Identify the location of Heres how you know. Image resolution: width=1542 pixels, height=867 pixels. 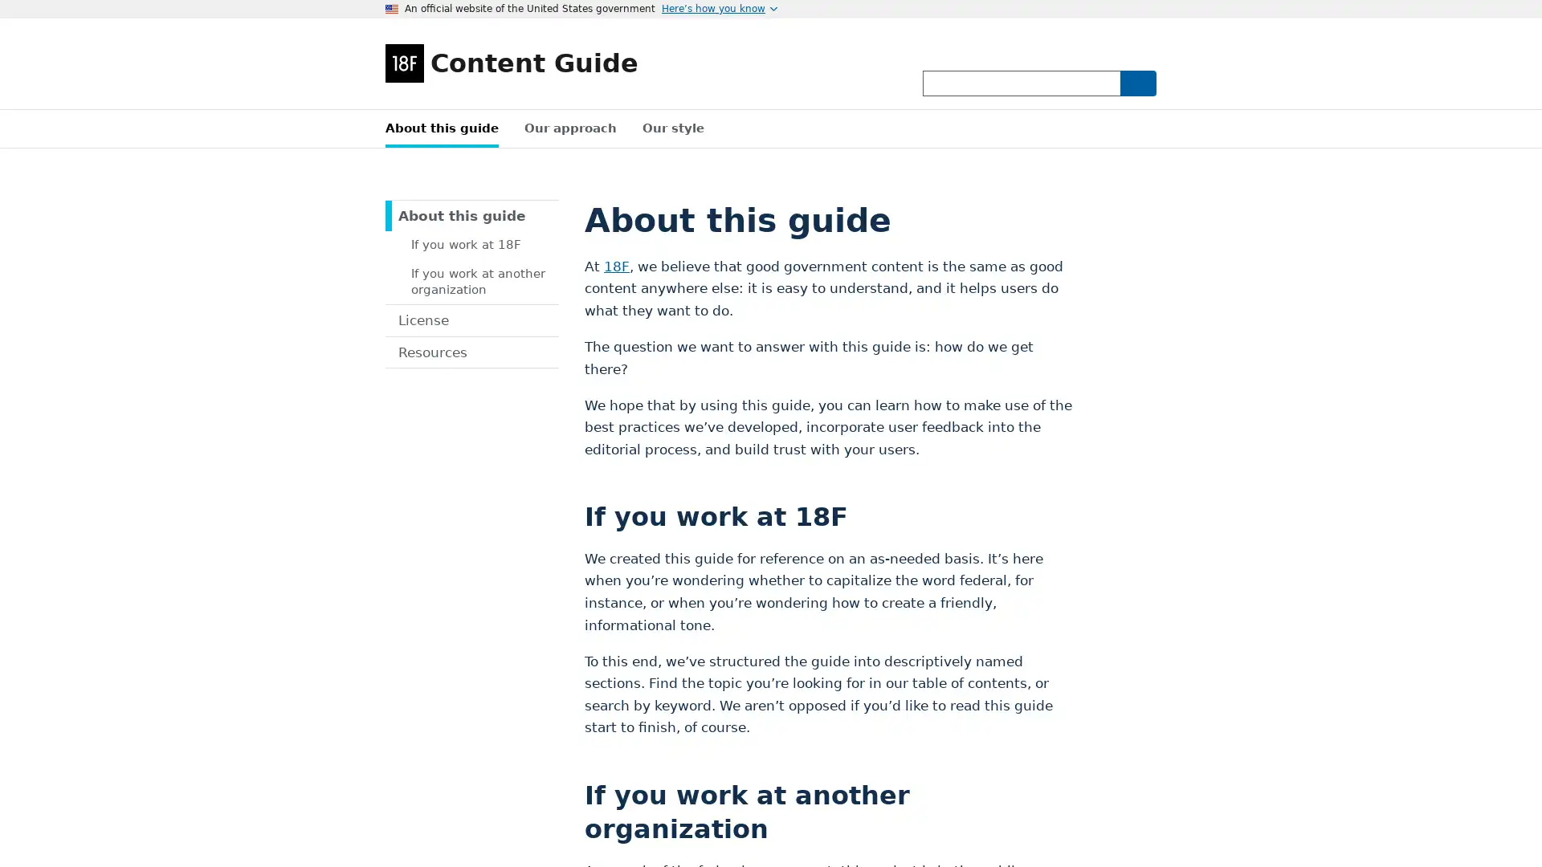
(719, 9).